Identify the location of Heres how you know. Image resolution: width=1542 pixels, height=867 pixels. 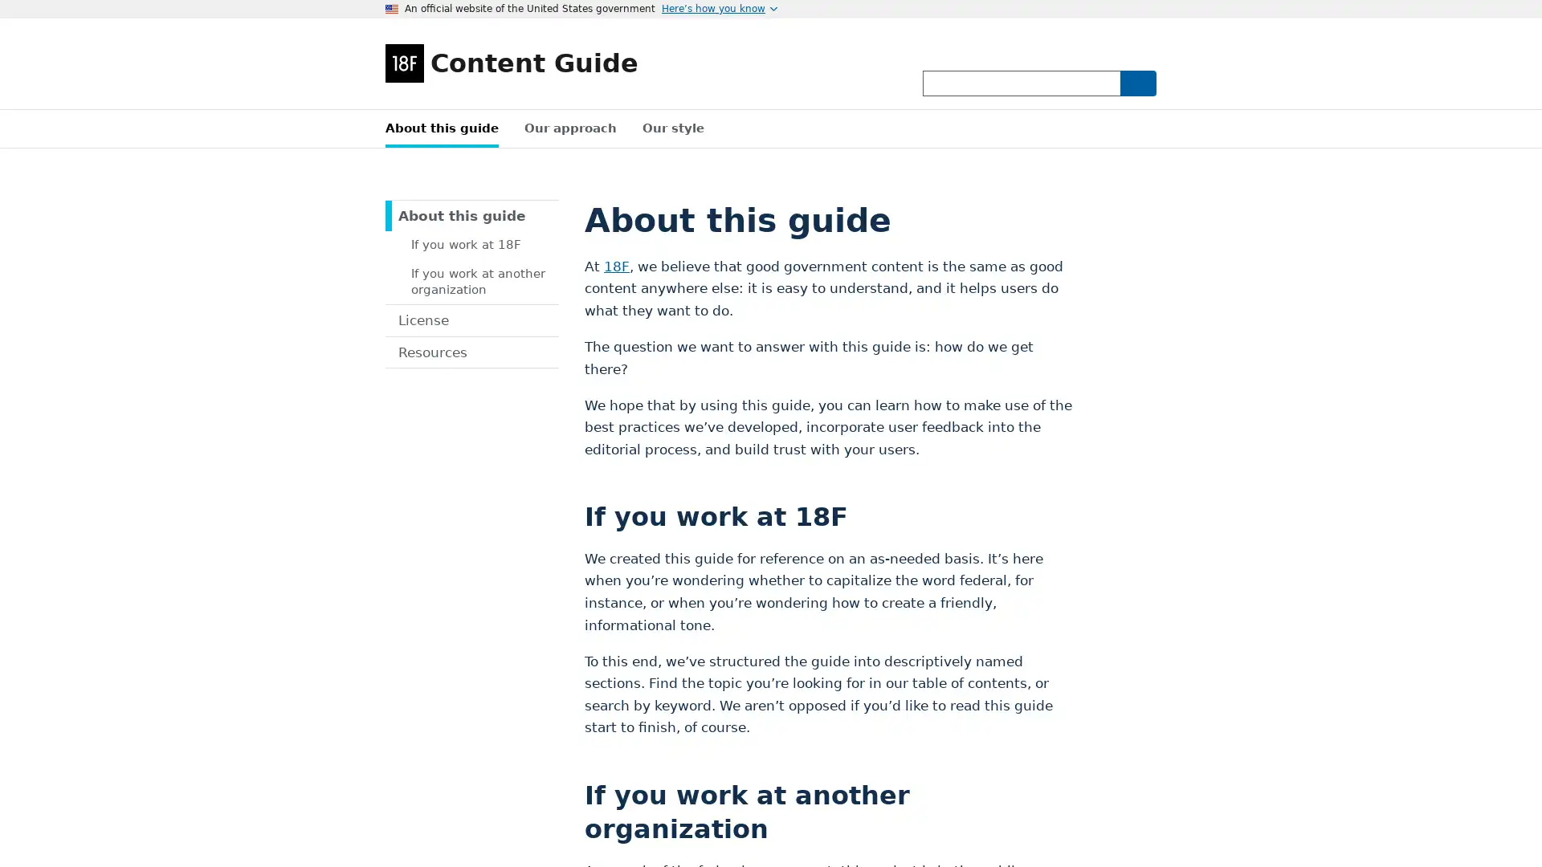
(719, 9).